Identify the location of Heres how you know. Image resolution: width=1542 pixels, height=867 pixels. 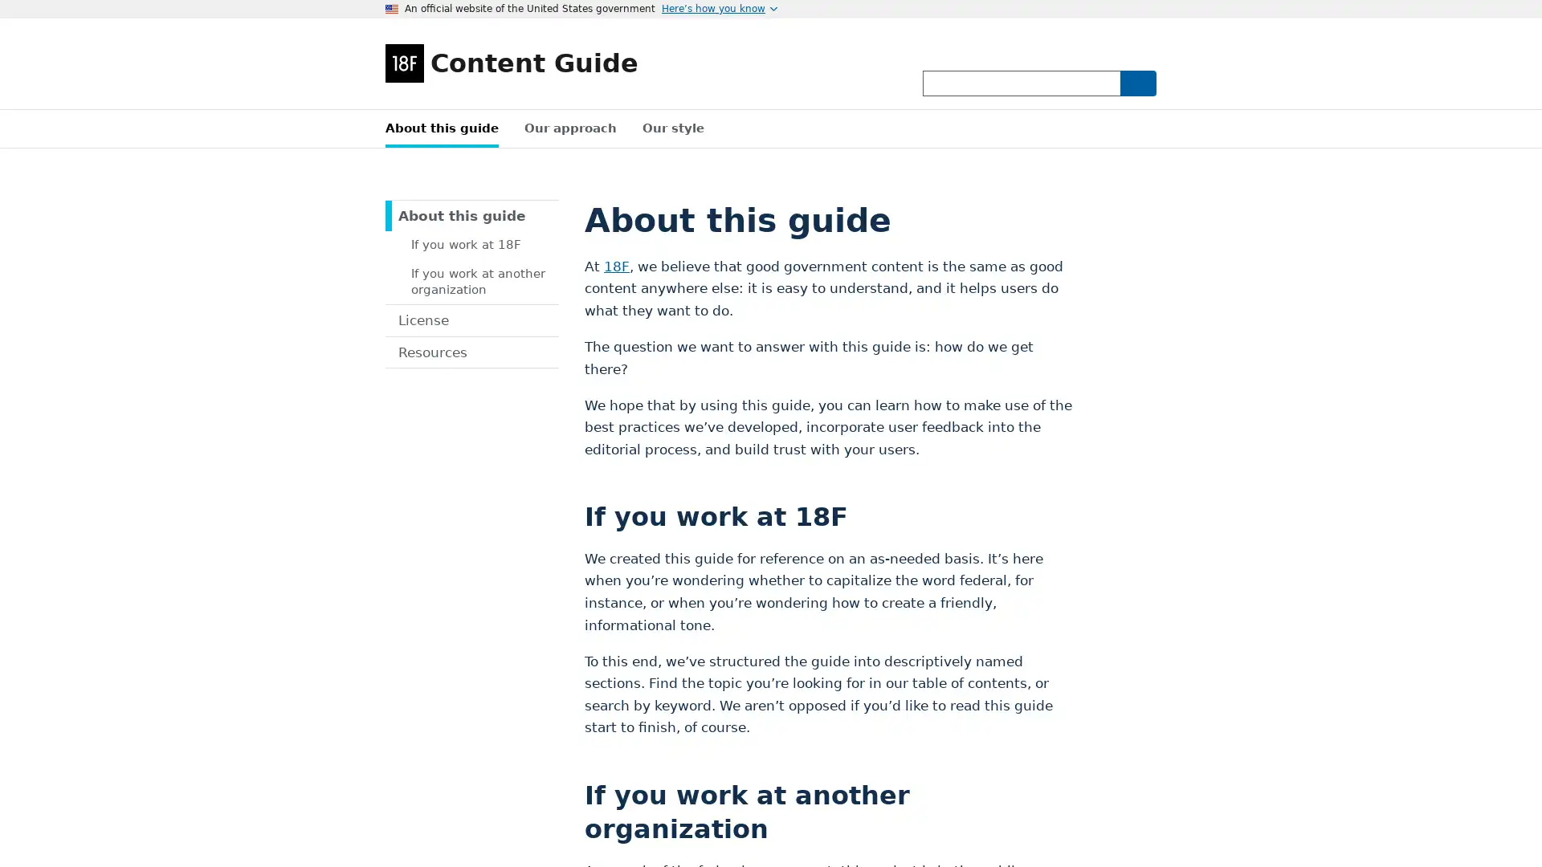
(719, 9).